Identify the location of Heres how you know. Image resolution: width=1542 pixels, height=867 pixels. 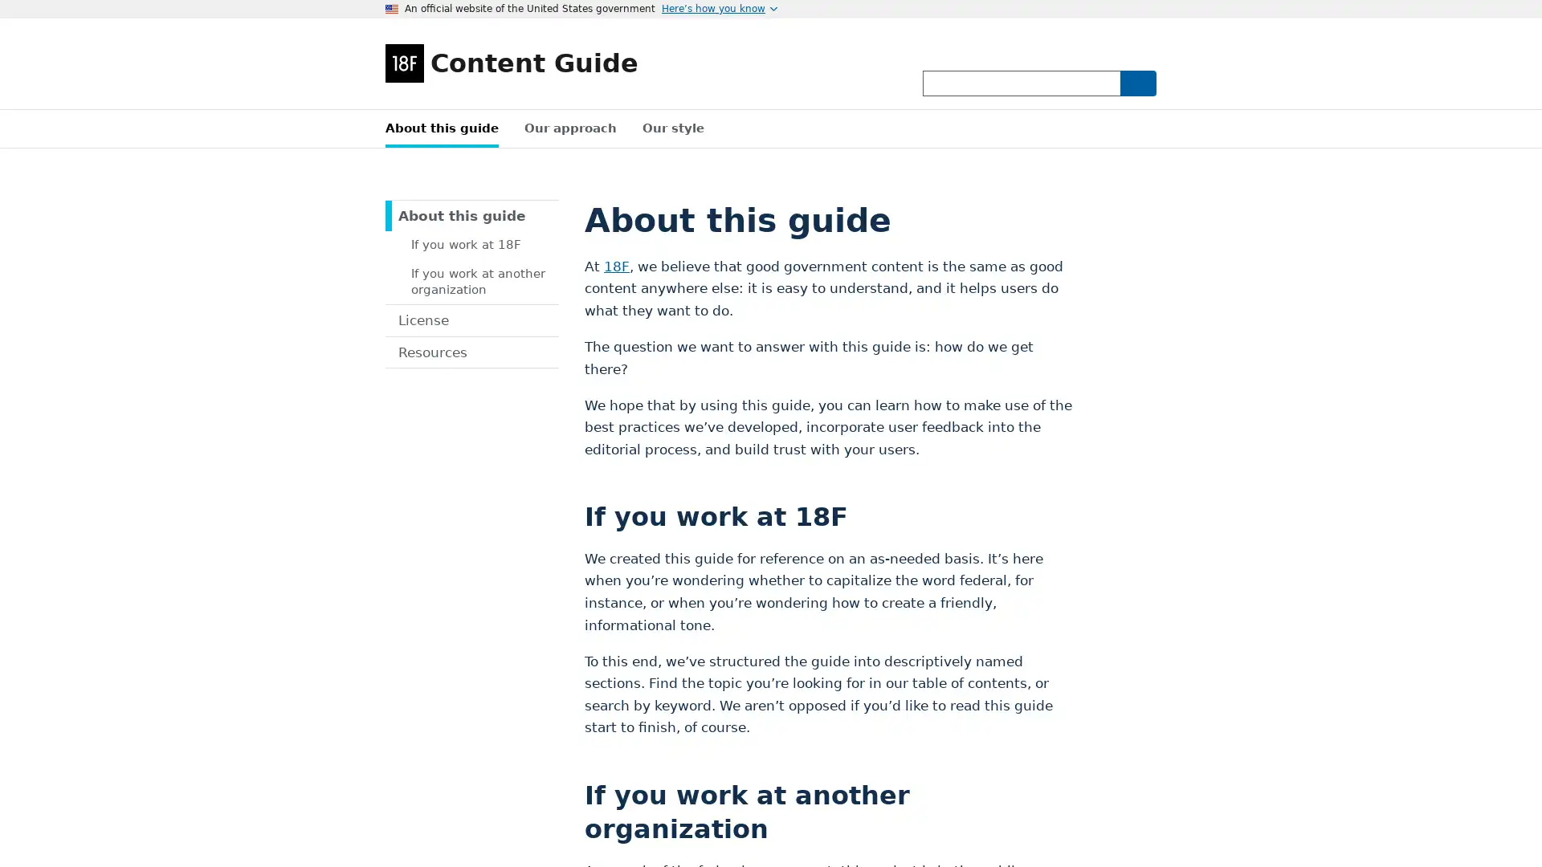
(719, 9).